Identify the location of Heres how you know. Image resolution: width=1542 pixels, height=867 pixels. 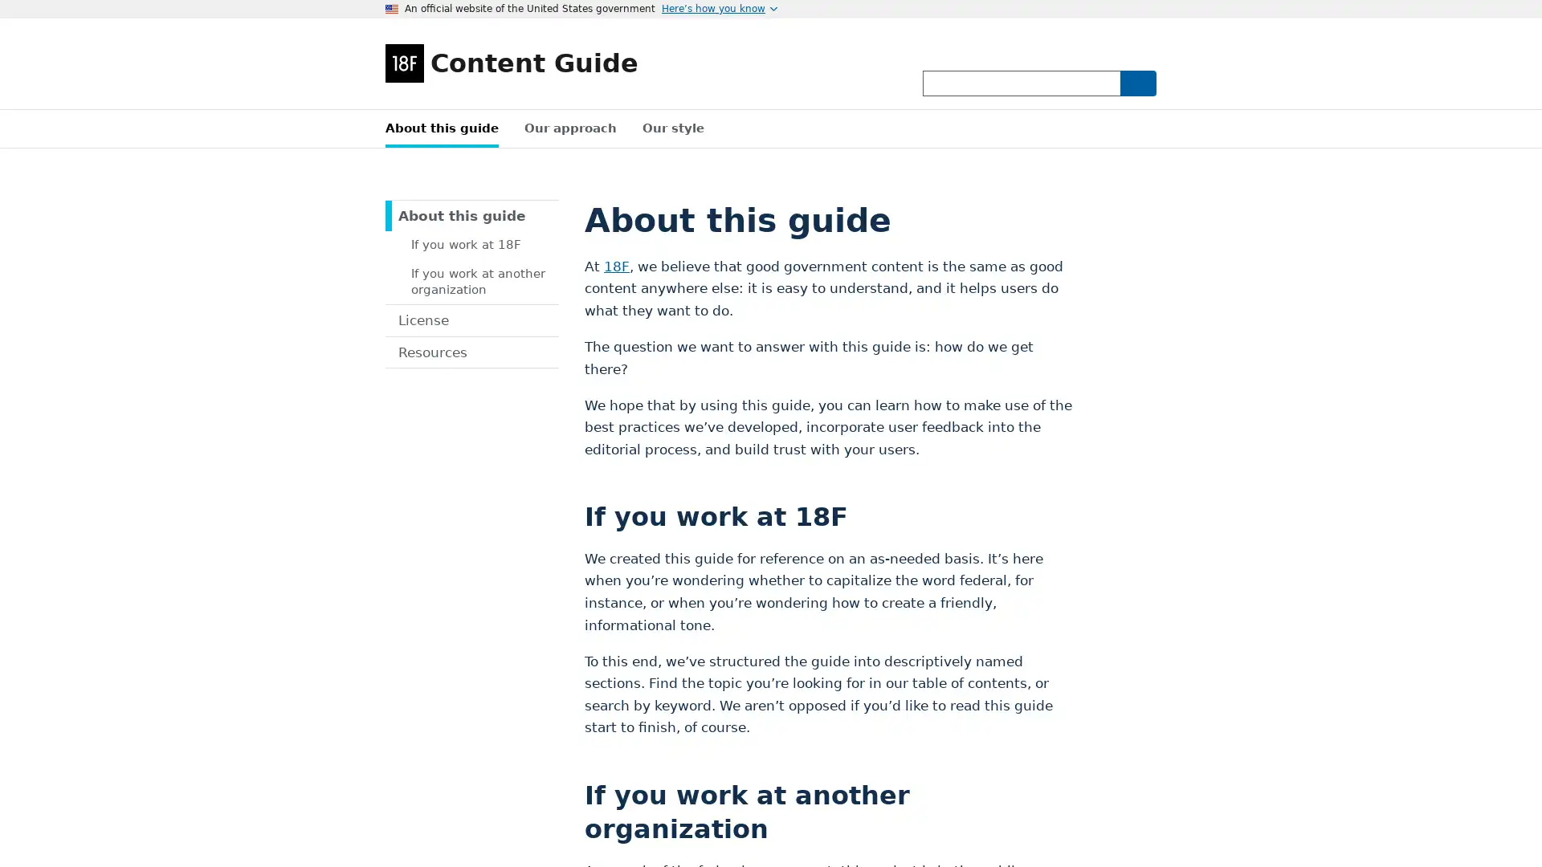
(719, 9).